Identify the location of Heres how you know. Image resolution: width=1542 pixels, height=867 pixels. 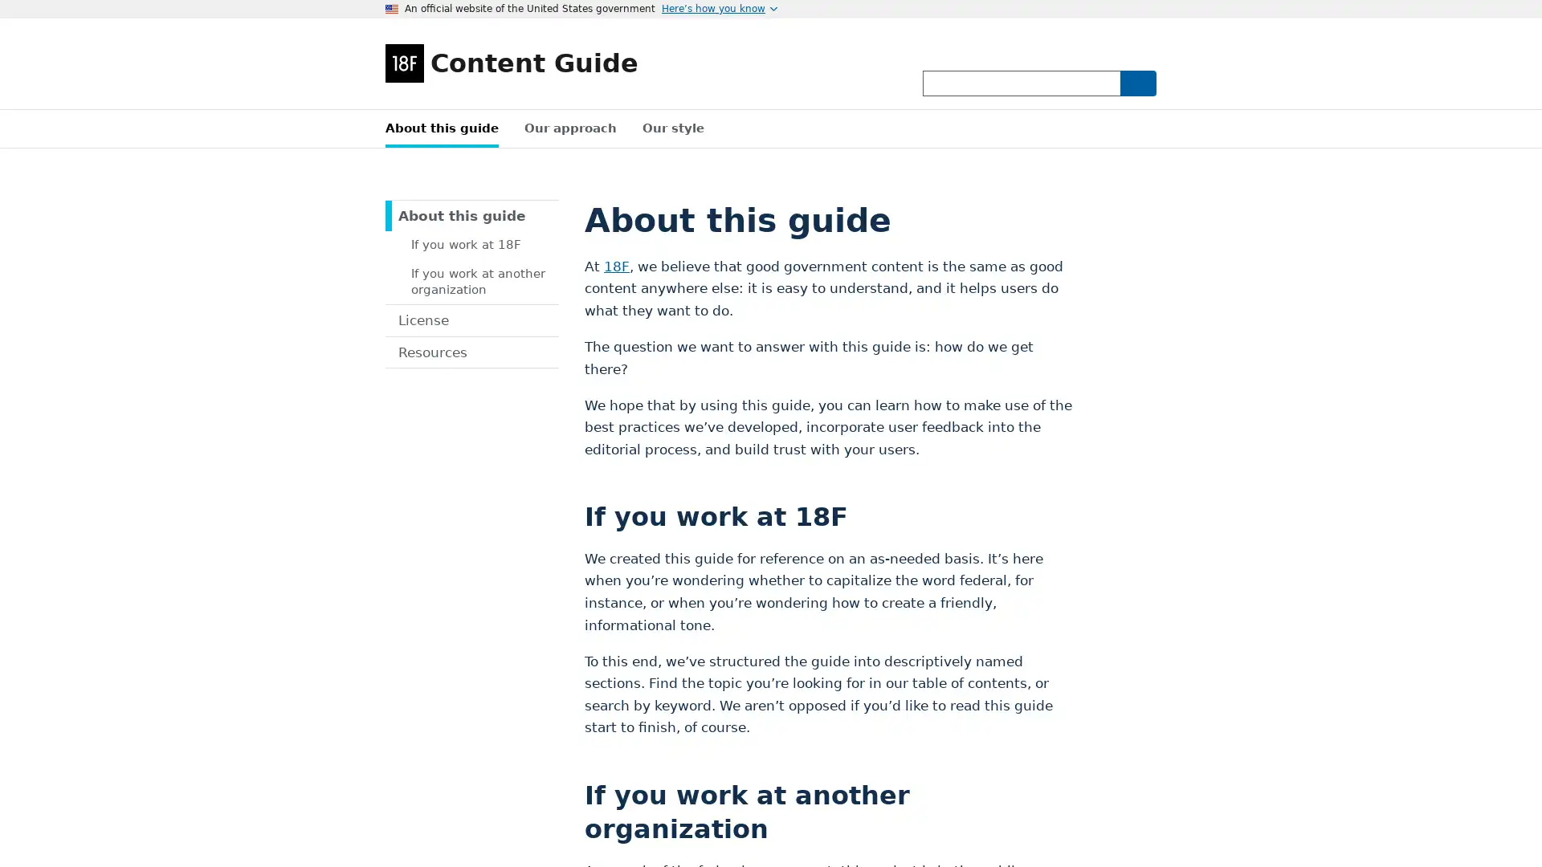
(719, 9).